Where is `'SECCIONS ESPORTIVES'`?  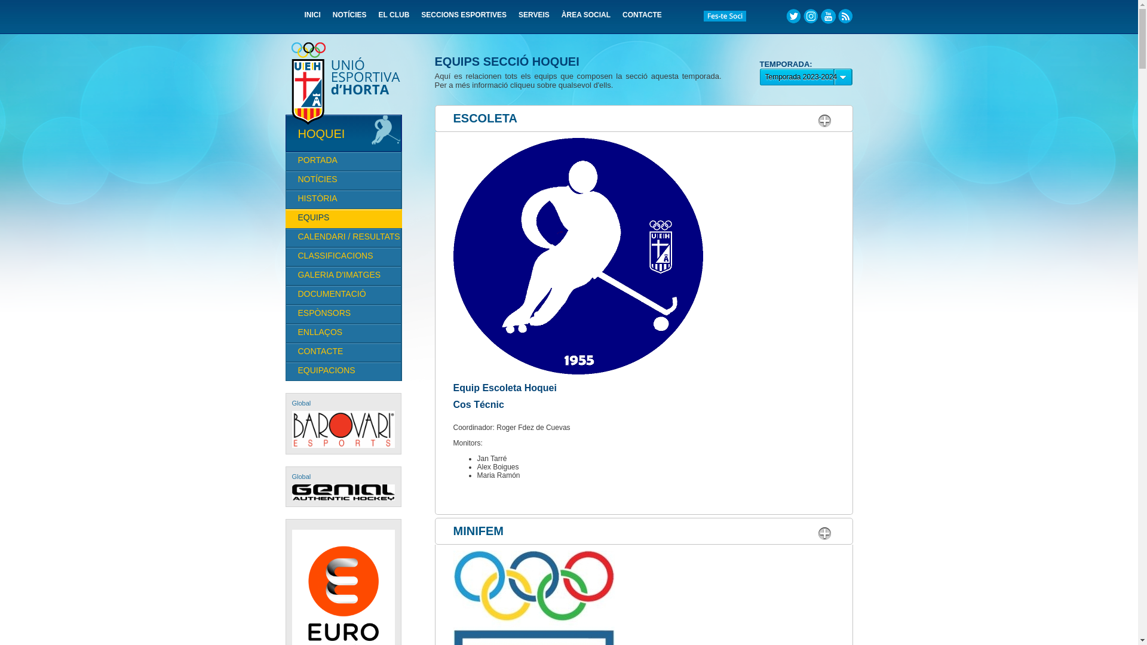 'SECCIONS ESPORTIVES' is located at coordinates (421, 19).